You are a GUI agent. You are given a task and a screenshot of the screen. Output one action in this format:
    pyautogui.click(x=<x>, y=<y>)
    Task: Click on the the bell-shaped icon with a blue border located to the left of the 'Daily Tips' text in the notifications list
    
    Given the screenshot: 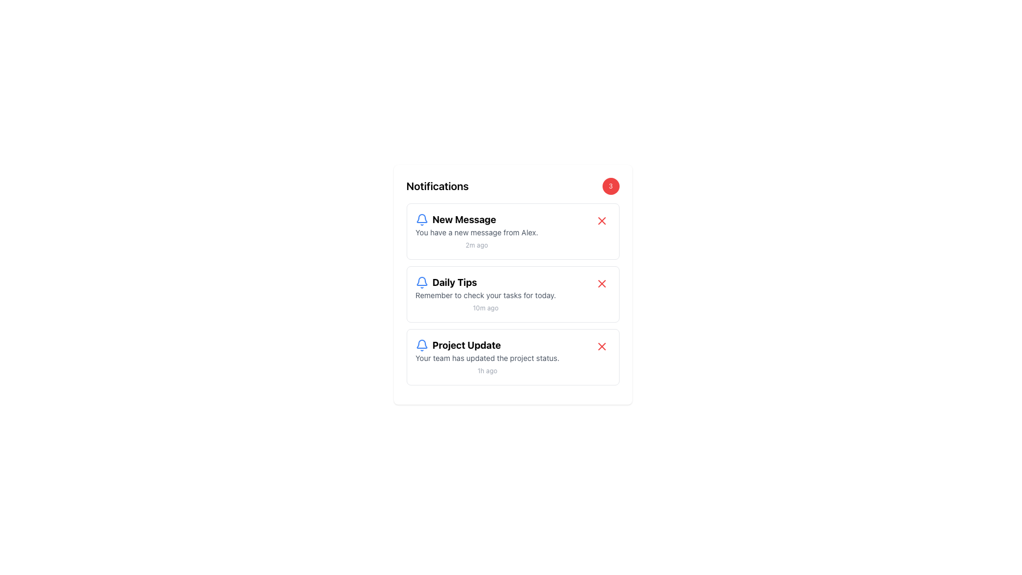 What is the action you would take?
    pyautogui.click(x=421, y=282)
    